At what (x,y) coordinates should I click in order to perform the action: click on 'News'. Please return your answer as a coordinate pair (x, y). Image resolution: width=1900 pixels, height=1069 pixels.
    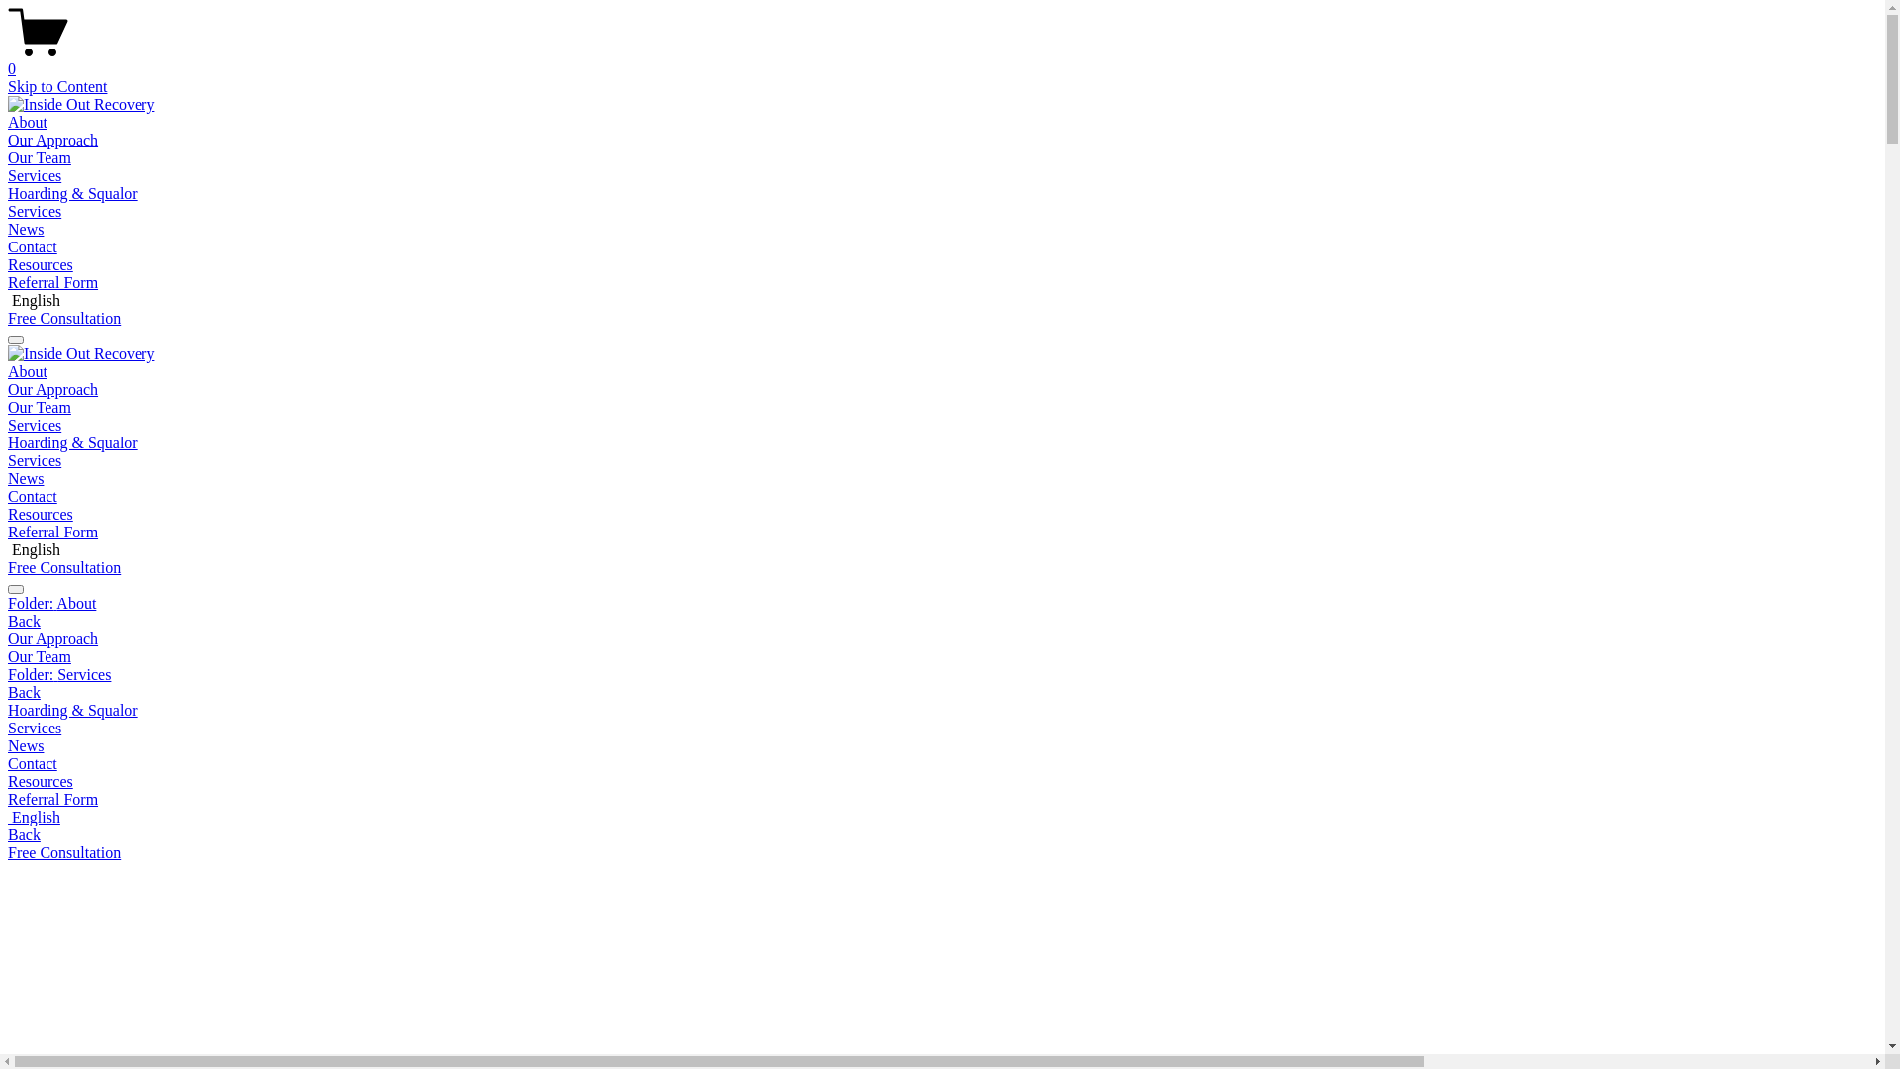
    Looking at the image, I should click on (941, 745).